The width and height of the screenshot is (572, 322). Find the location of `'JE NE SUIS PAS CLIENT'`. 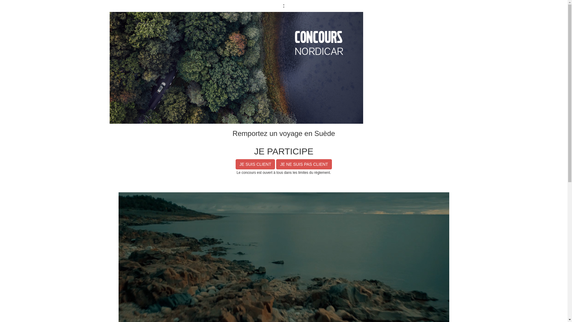

'JE NE SUIS PAS CLIENT' is located at coordinates (304, 164).